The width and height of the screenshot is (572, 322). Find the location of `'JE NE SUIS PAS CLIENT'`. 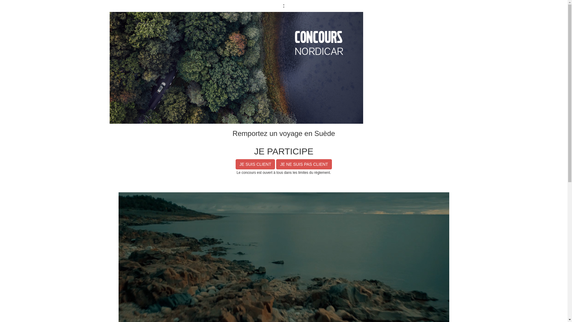

'JE NE SUIS PAS CLIENT' is located at coordinates (304, 164).